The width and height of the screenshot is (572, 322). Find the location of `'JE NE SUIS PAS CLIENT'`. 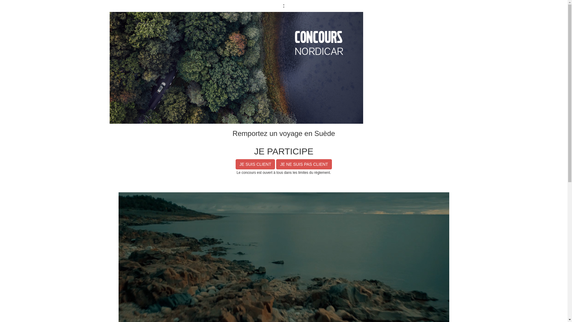

'JE NE SUIS PAS CLIENT' is located at coordinates (304, 164).